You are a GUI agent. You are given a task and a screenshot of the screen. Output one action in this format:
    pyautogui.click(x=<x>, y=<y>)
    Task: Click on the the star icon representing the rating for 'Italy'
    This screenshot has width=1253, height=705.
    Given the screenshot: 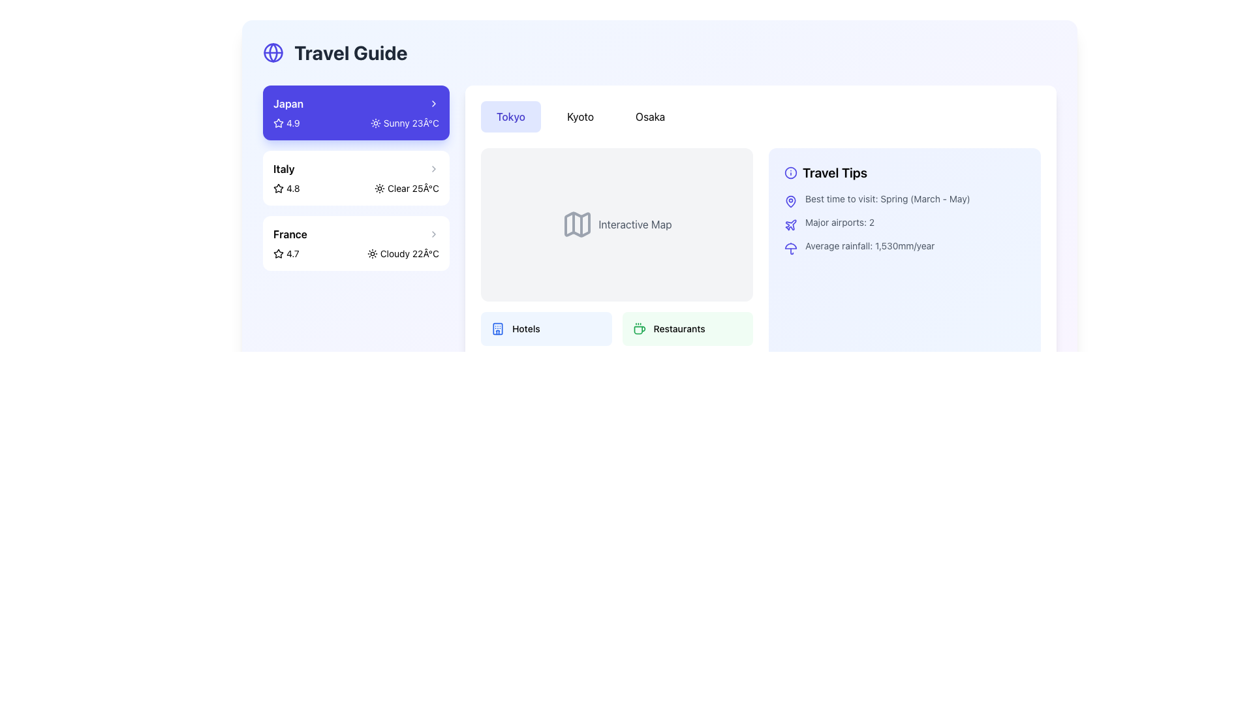 What is the action you would take?
    pyautogui.click(x=278, y=189)
    